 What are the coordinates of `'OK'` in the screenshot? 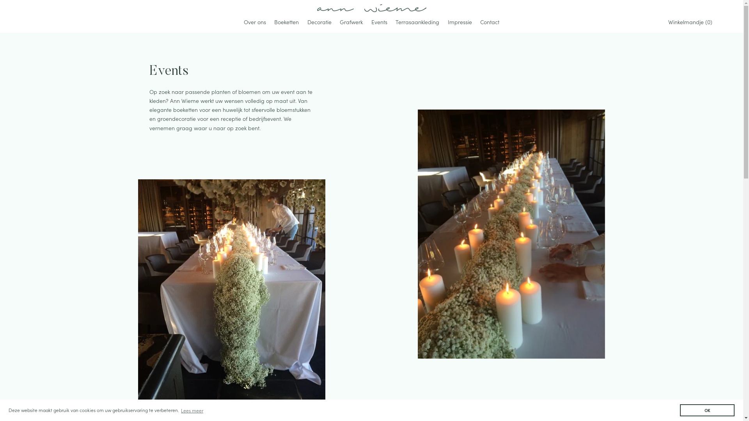 It's located at (679, 410).